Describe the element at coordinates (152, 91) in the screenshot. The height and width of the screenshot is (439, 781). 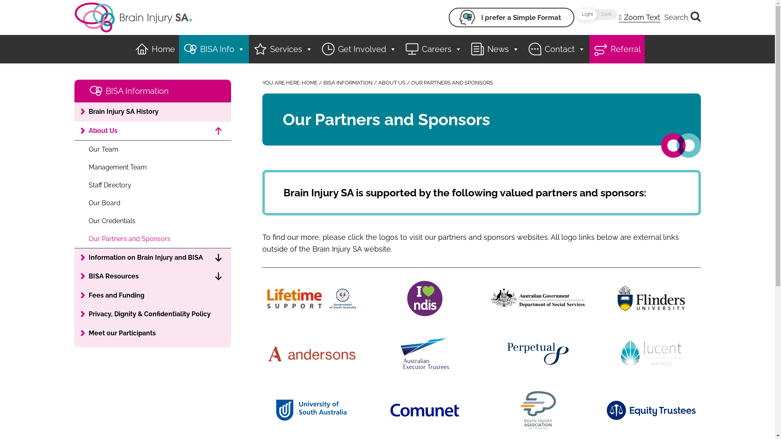
I see `'BISA Information'` at that location.